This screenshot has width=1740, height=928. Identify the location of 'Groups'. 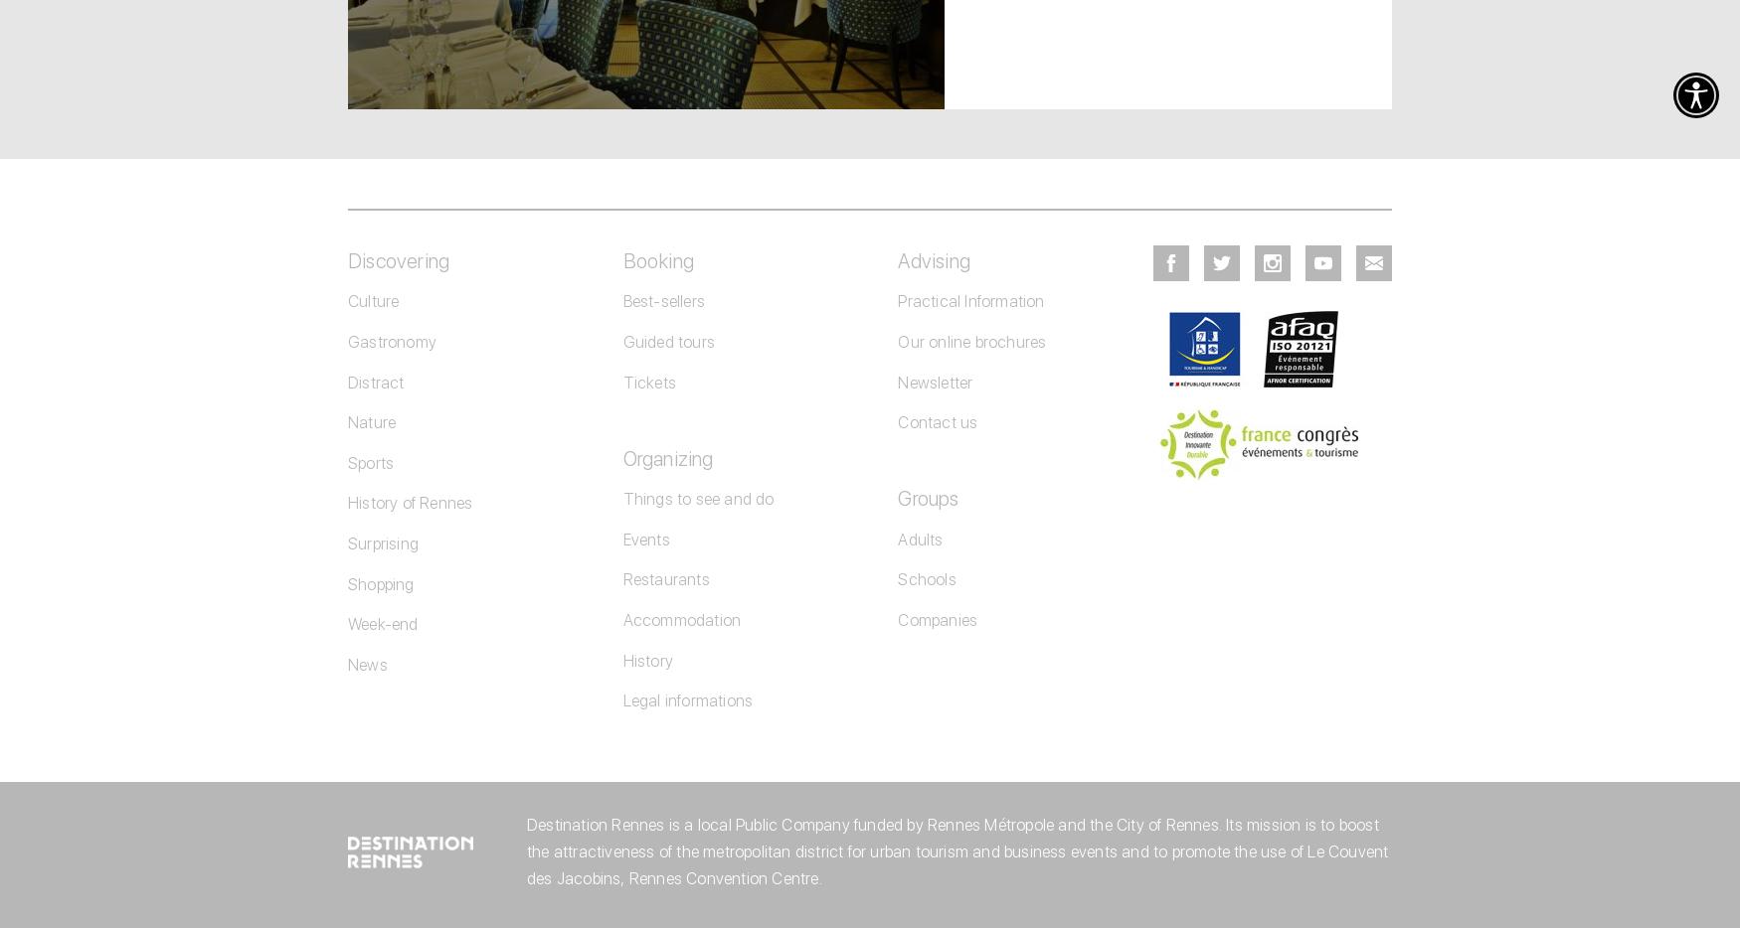
(927, 498).